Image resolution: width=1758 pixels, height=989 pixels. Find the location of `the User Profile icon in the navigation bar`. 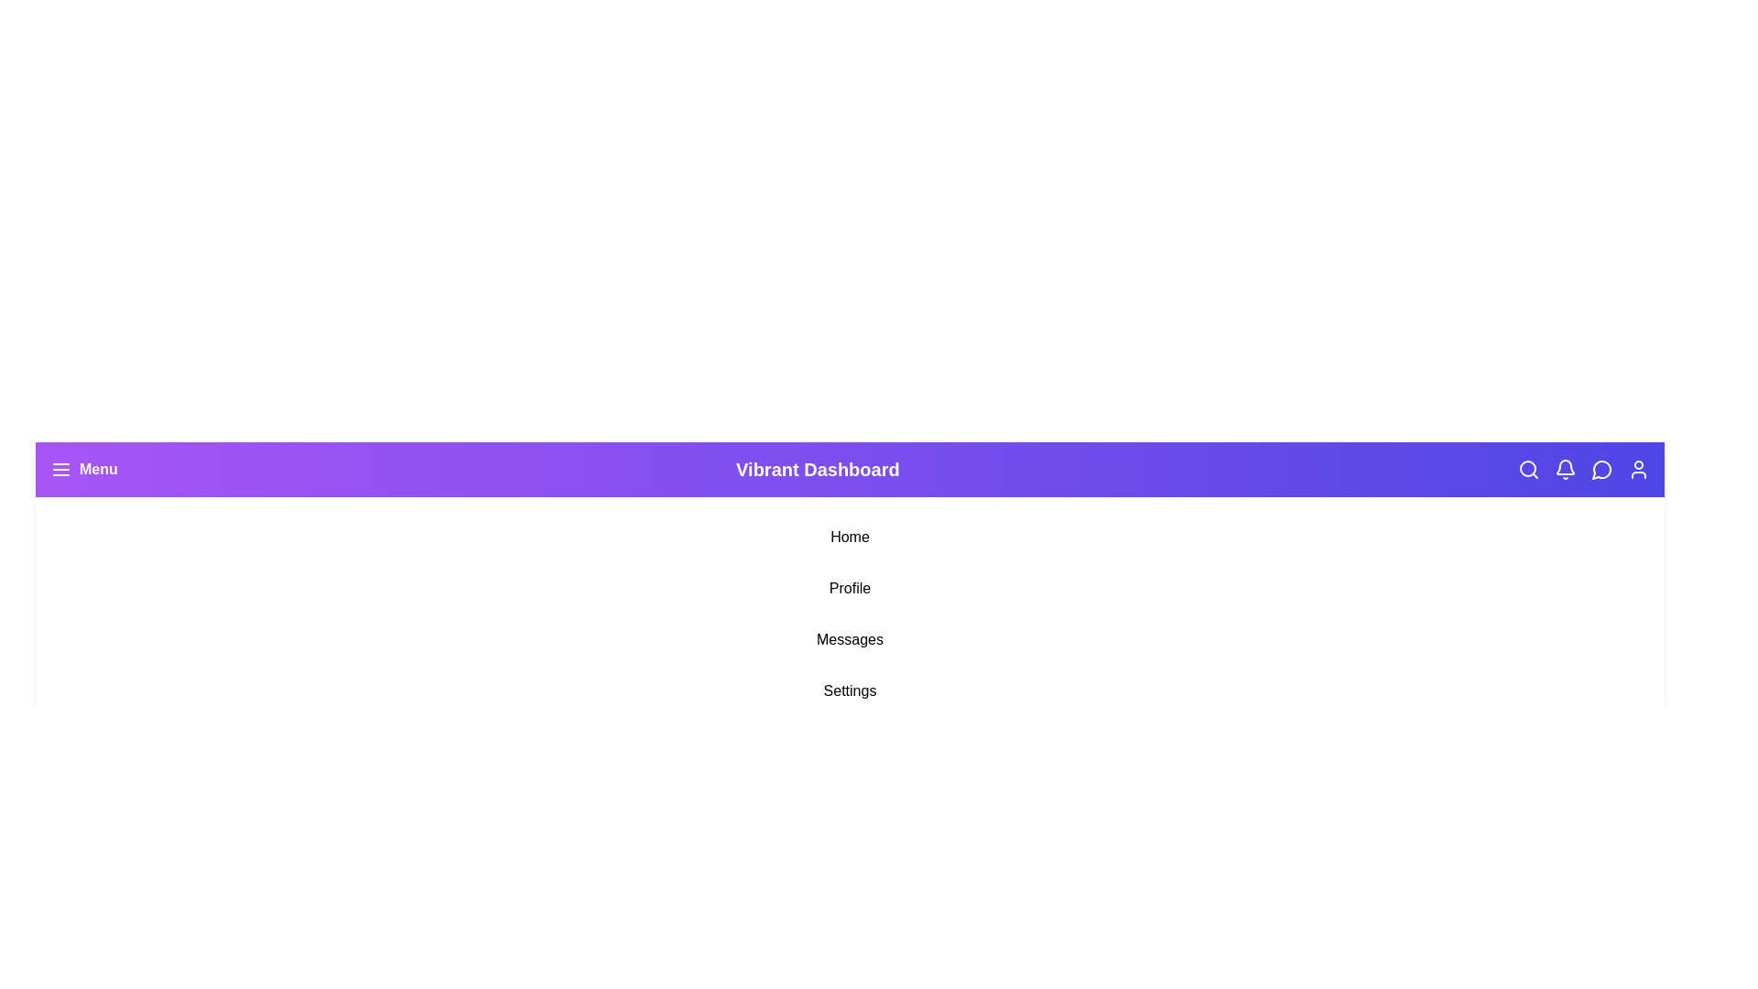

the User Profile icon in the navigation bar is located at coordinates (1639, 469).